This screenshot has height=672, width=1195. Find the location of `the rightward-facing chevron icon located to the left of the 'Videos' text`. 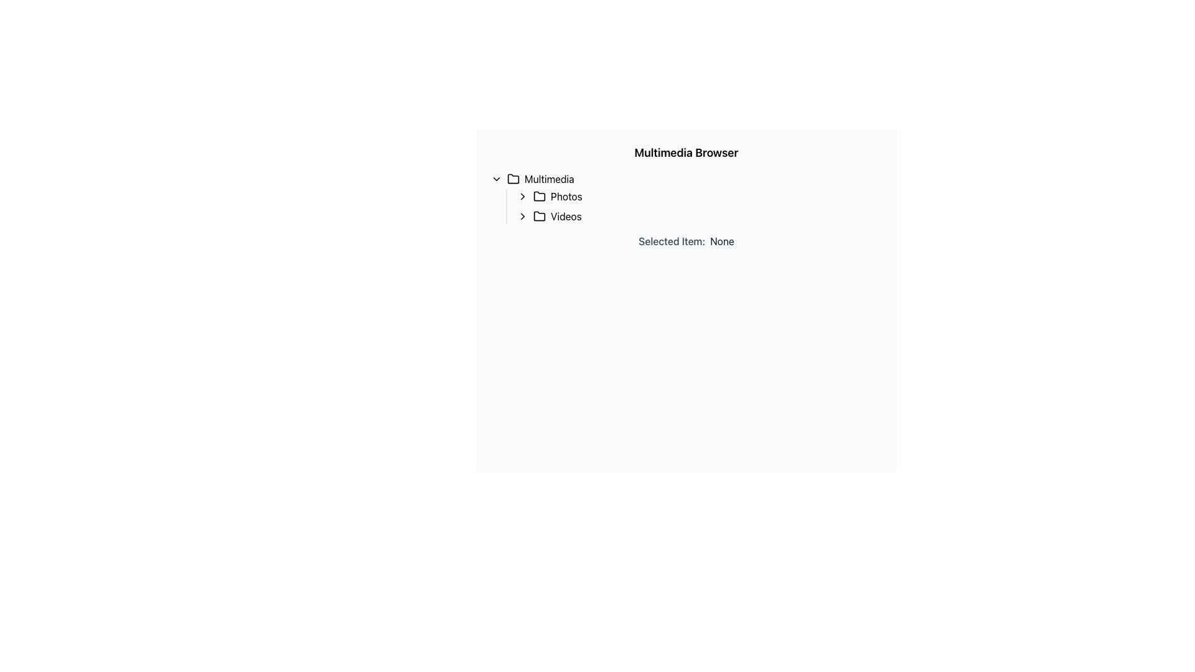

the rightward-facing chevron icon located to the left of the 'Videos' text is located at coordinates (523, 215).